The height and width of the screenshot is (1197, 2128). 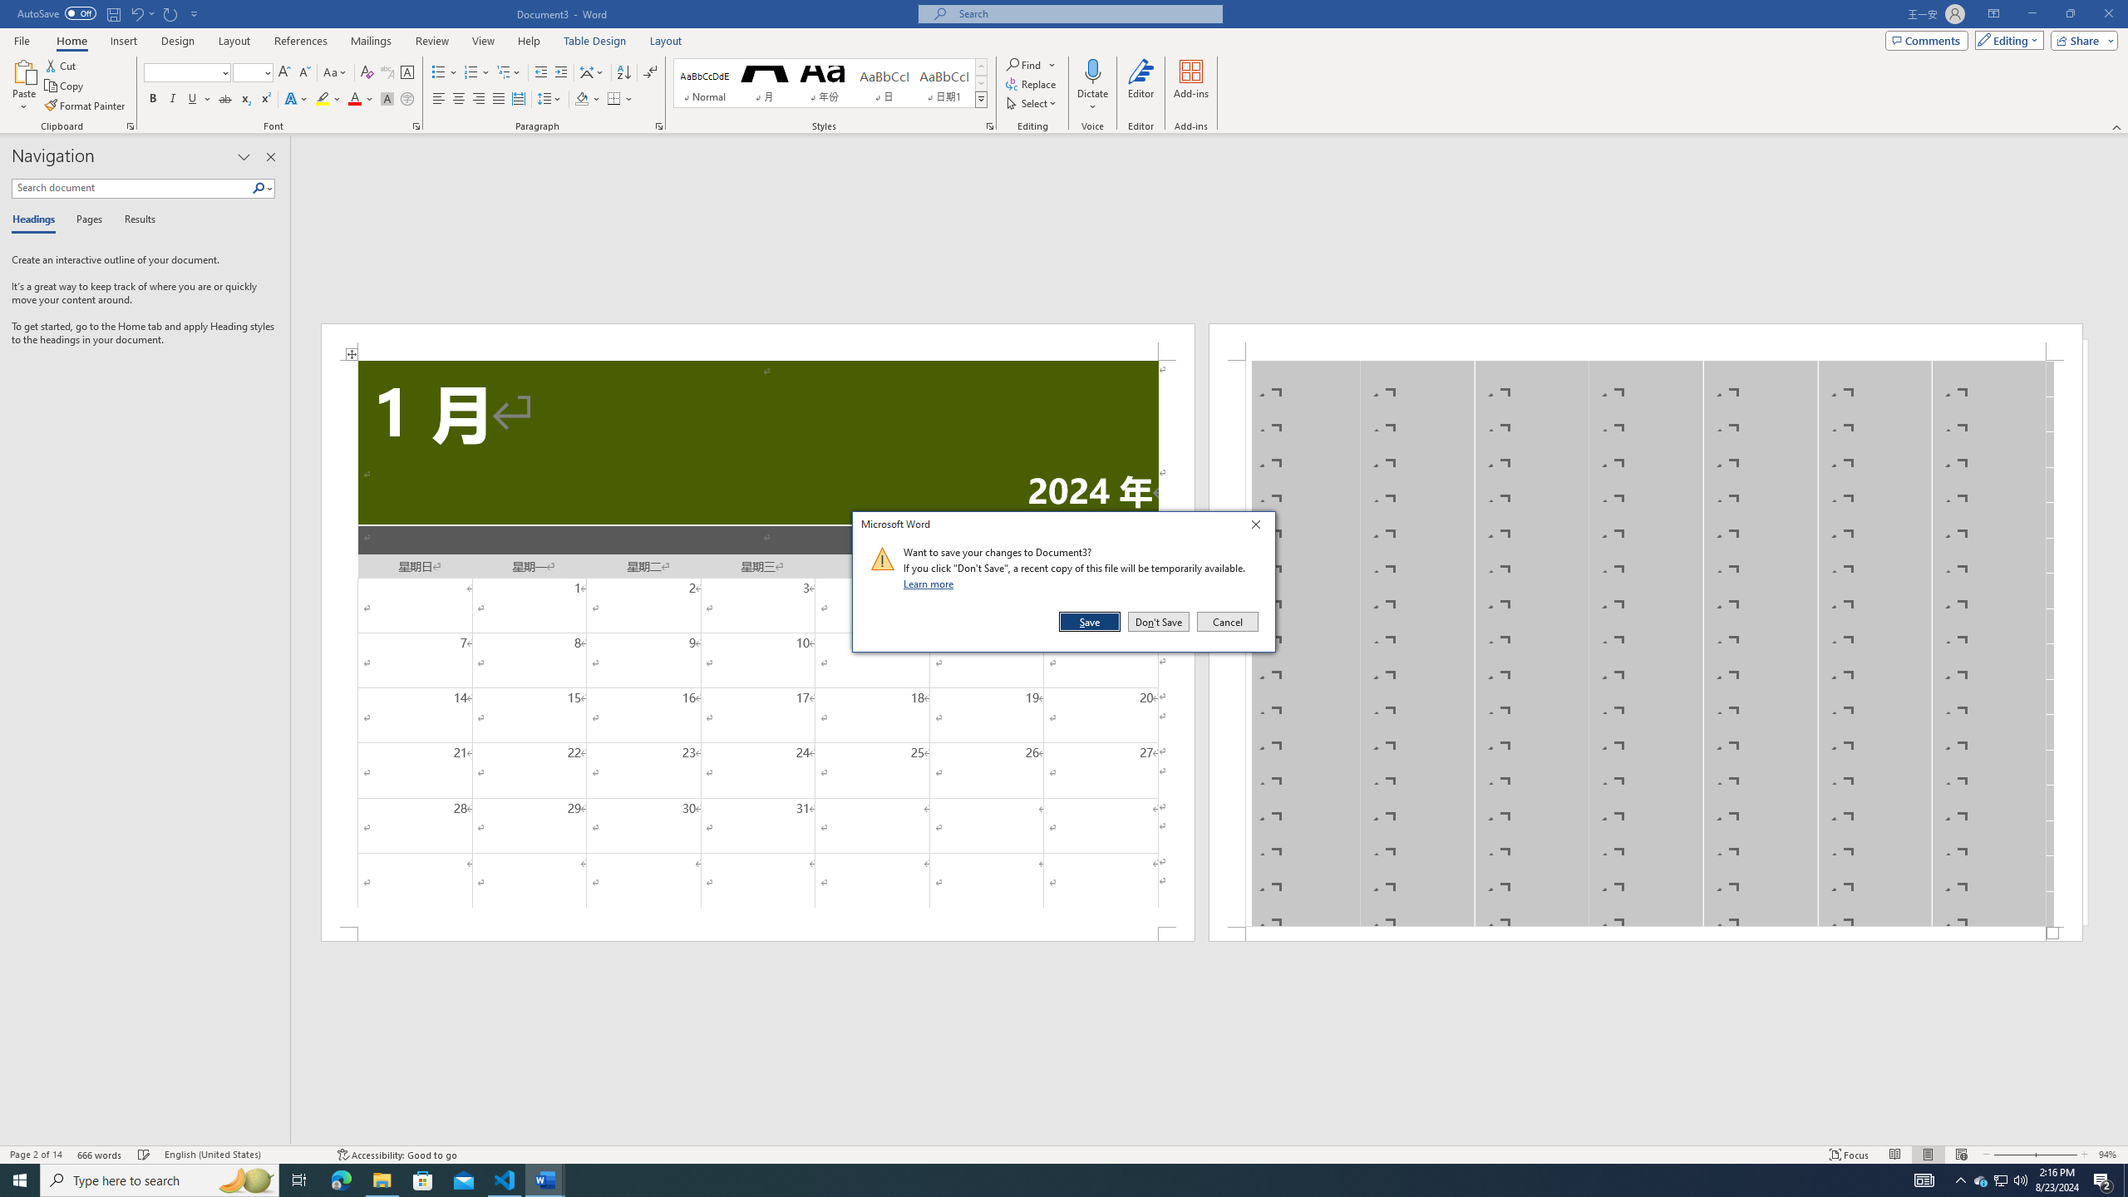 I want to click on 'Asian Layout', so click(x=592, y=72).